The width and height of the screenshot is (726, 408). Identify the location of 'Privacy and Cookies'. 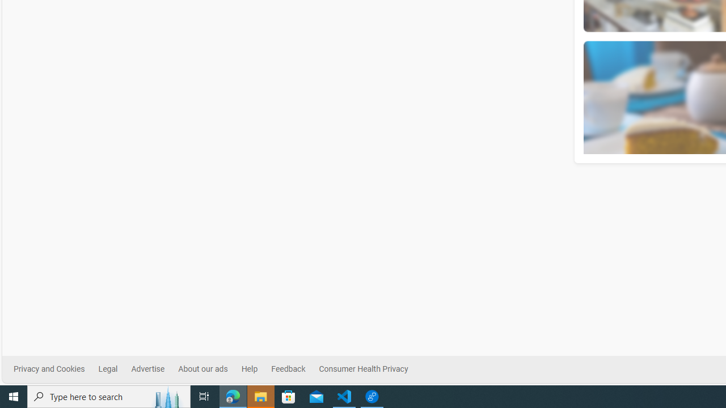
(56, 369).